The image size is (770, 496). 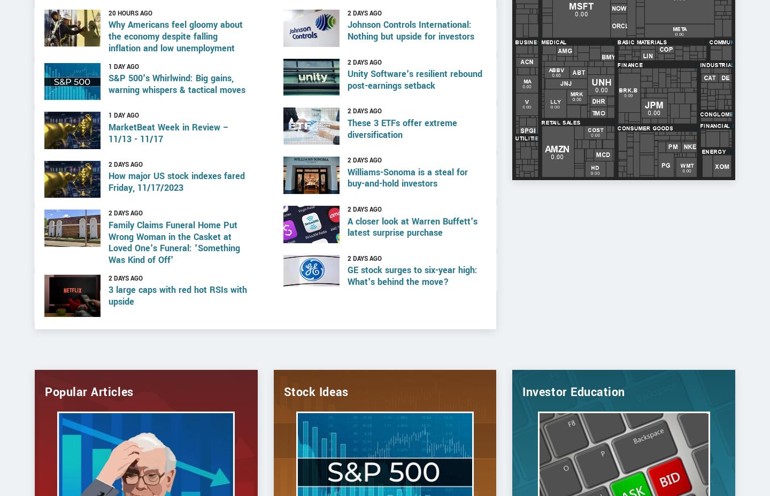 What do you see at coordinates (88, 426) in the screenshot?
I see `'Popular Articles'` at bounding box center [88, 426].